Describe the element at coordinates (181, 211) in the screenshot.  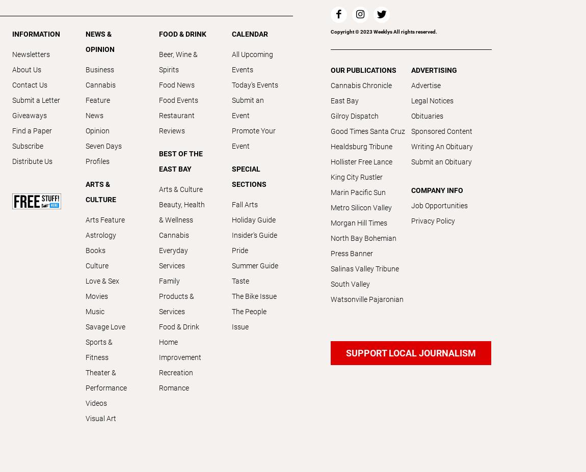
I see `'Beauty, Health & Wellness'` at that location.